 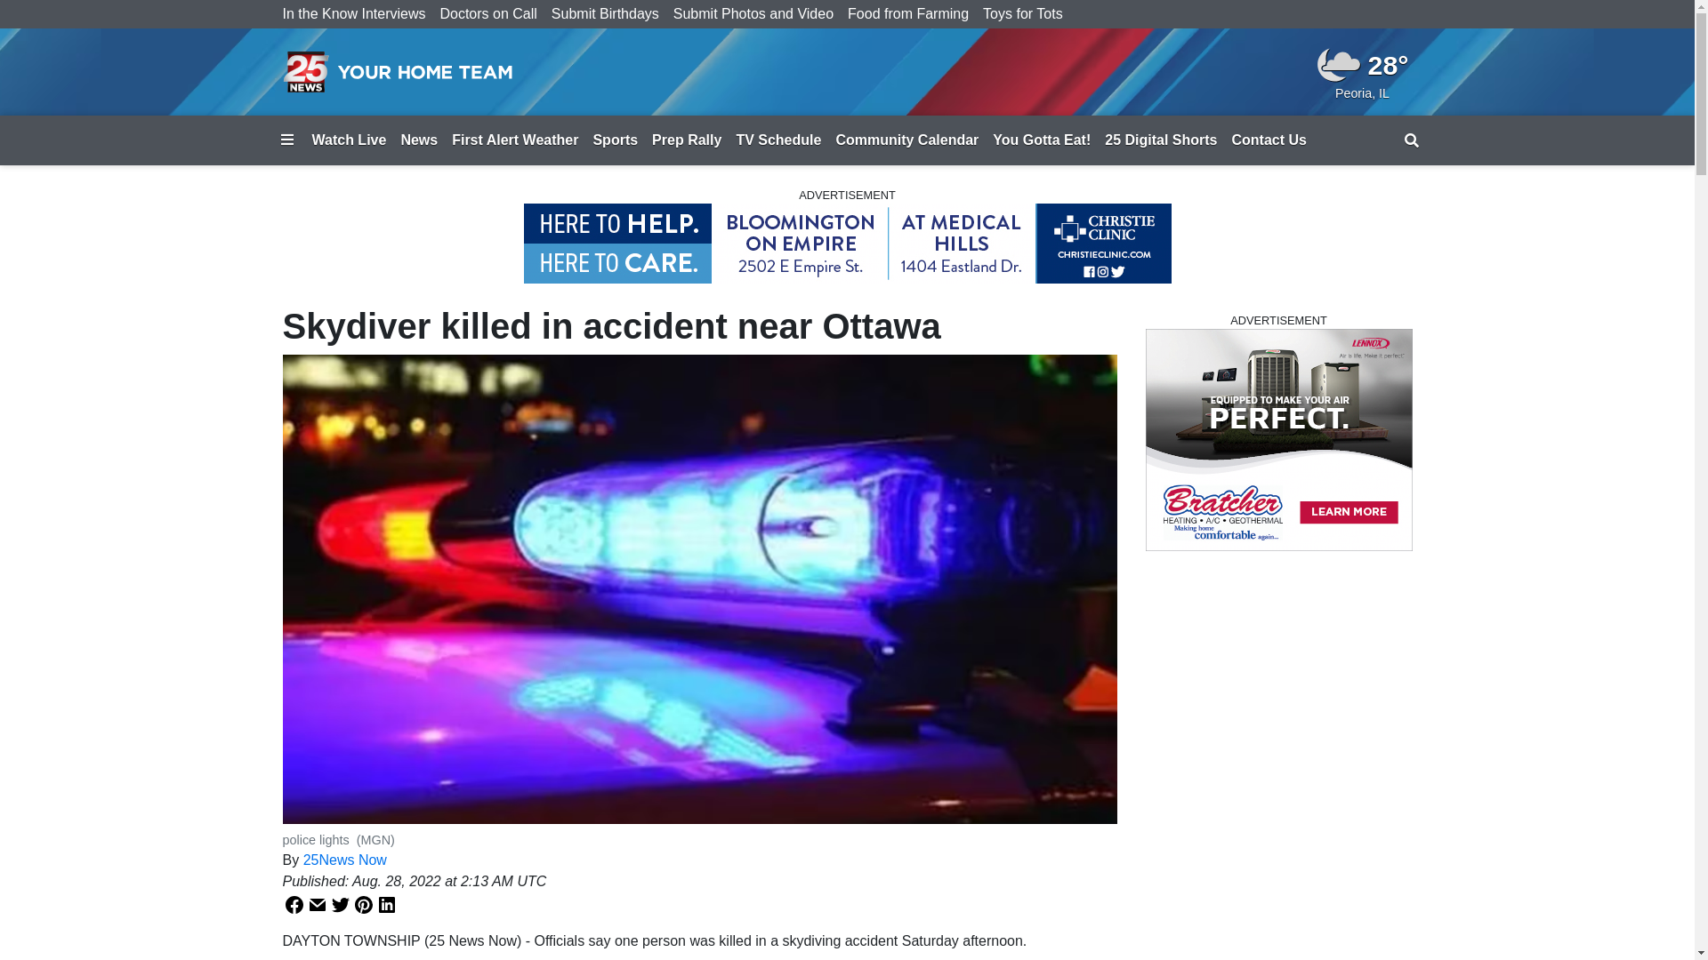 I want to click on 'Submit Birthdays', so click(x=605, y=13).